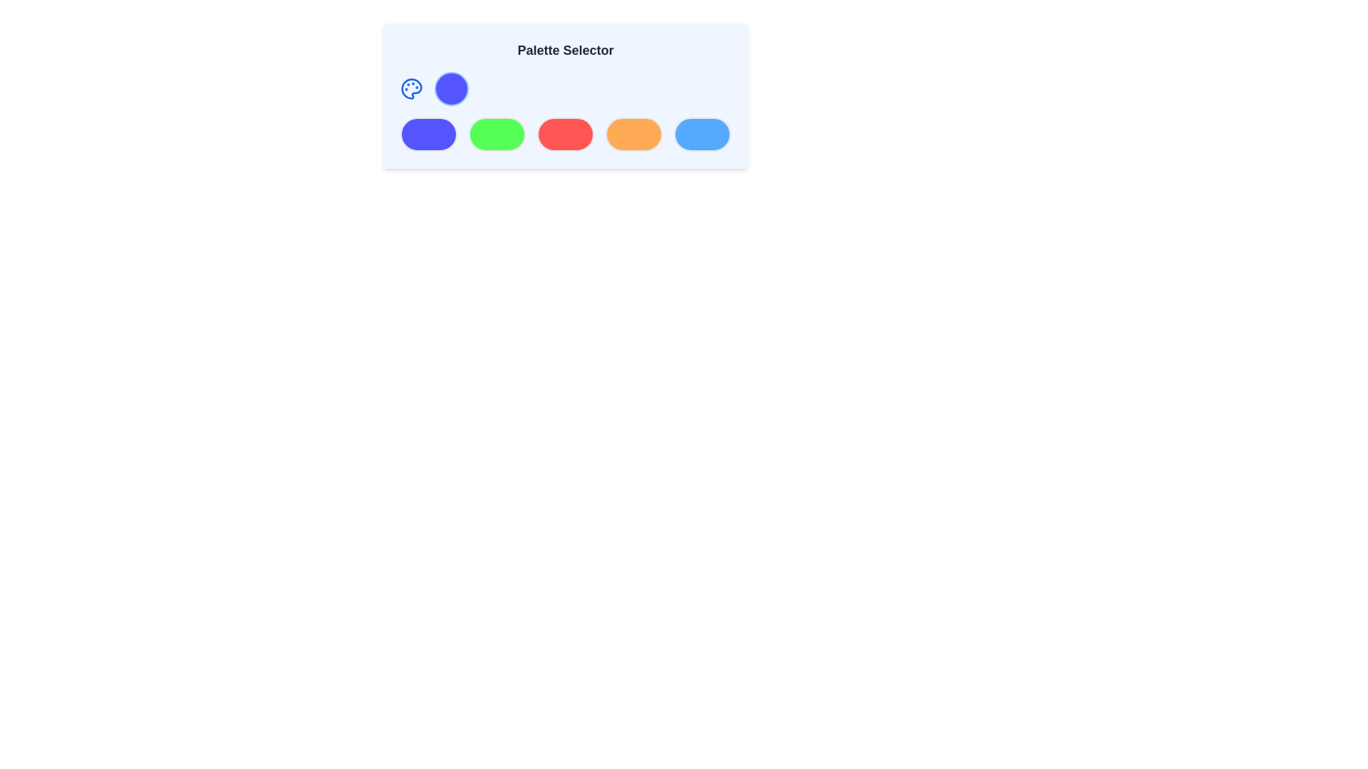  What do you see at coordinates (410, 88) in the screenshot?
I see `the paint palette icon located on the top-left corner of the light blue 'Palette Selector' panel` at bounding box center [410, 88].